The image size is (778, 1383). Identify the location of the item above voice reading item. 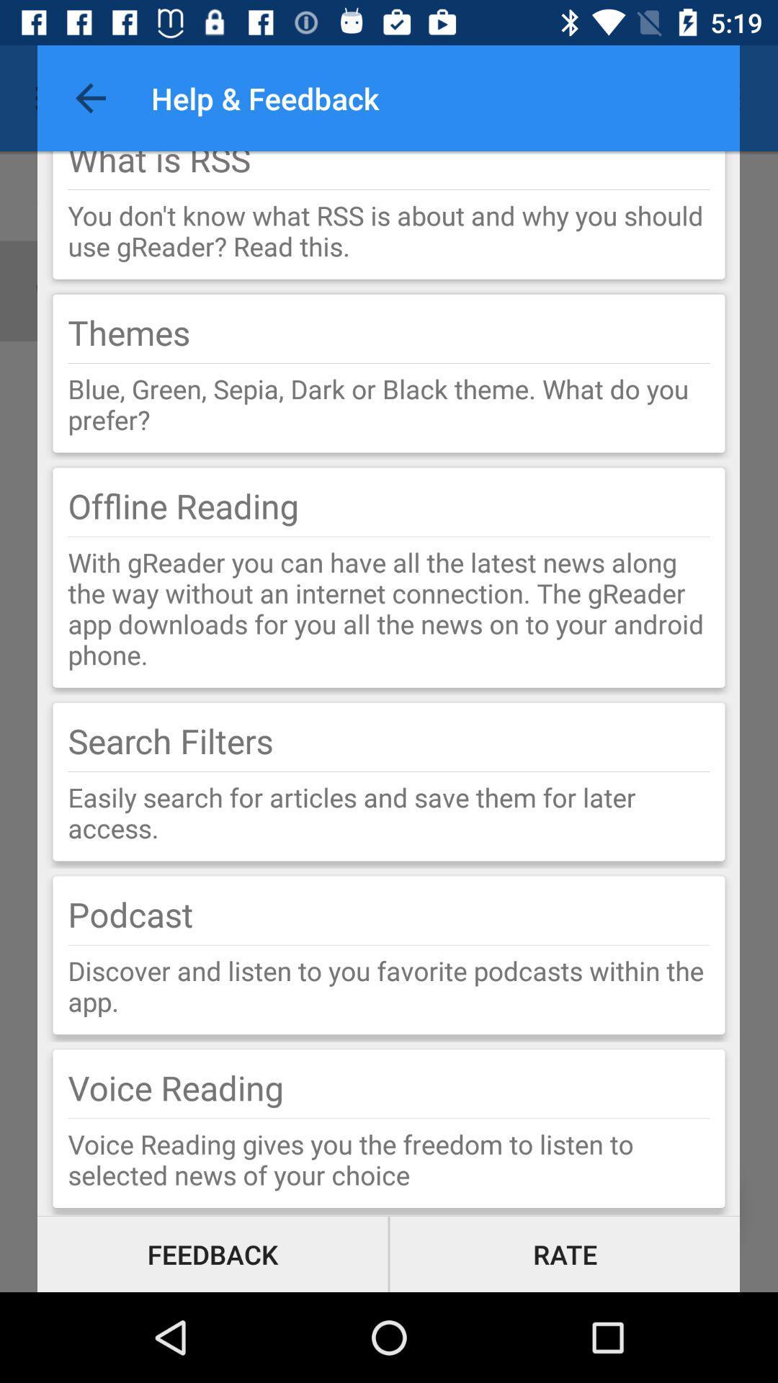
(389, 985).